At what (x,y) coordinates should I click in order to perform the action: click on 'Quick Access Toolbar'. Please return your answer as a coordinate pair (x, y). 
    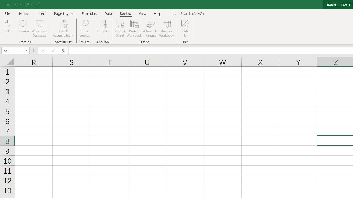
    Looking at the image, I should click on (22, 4).